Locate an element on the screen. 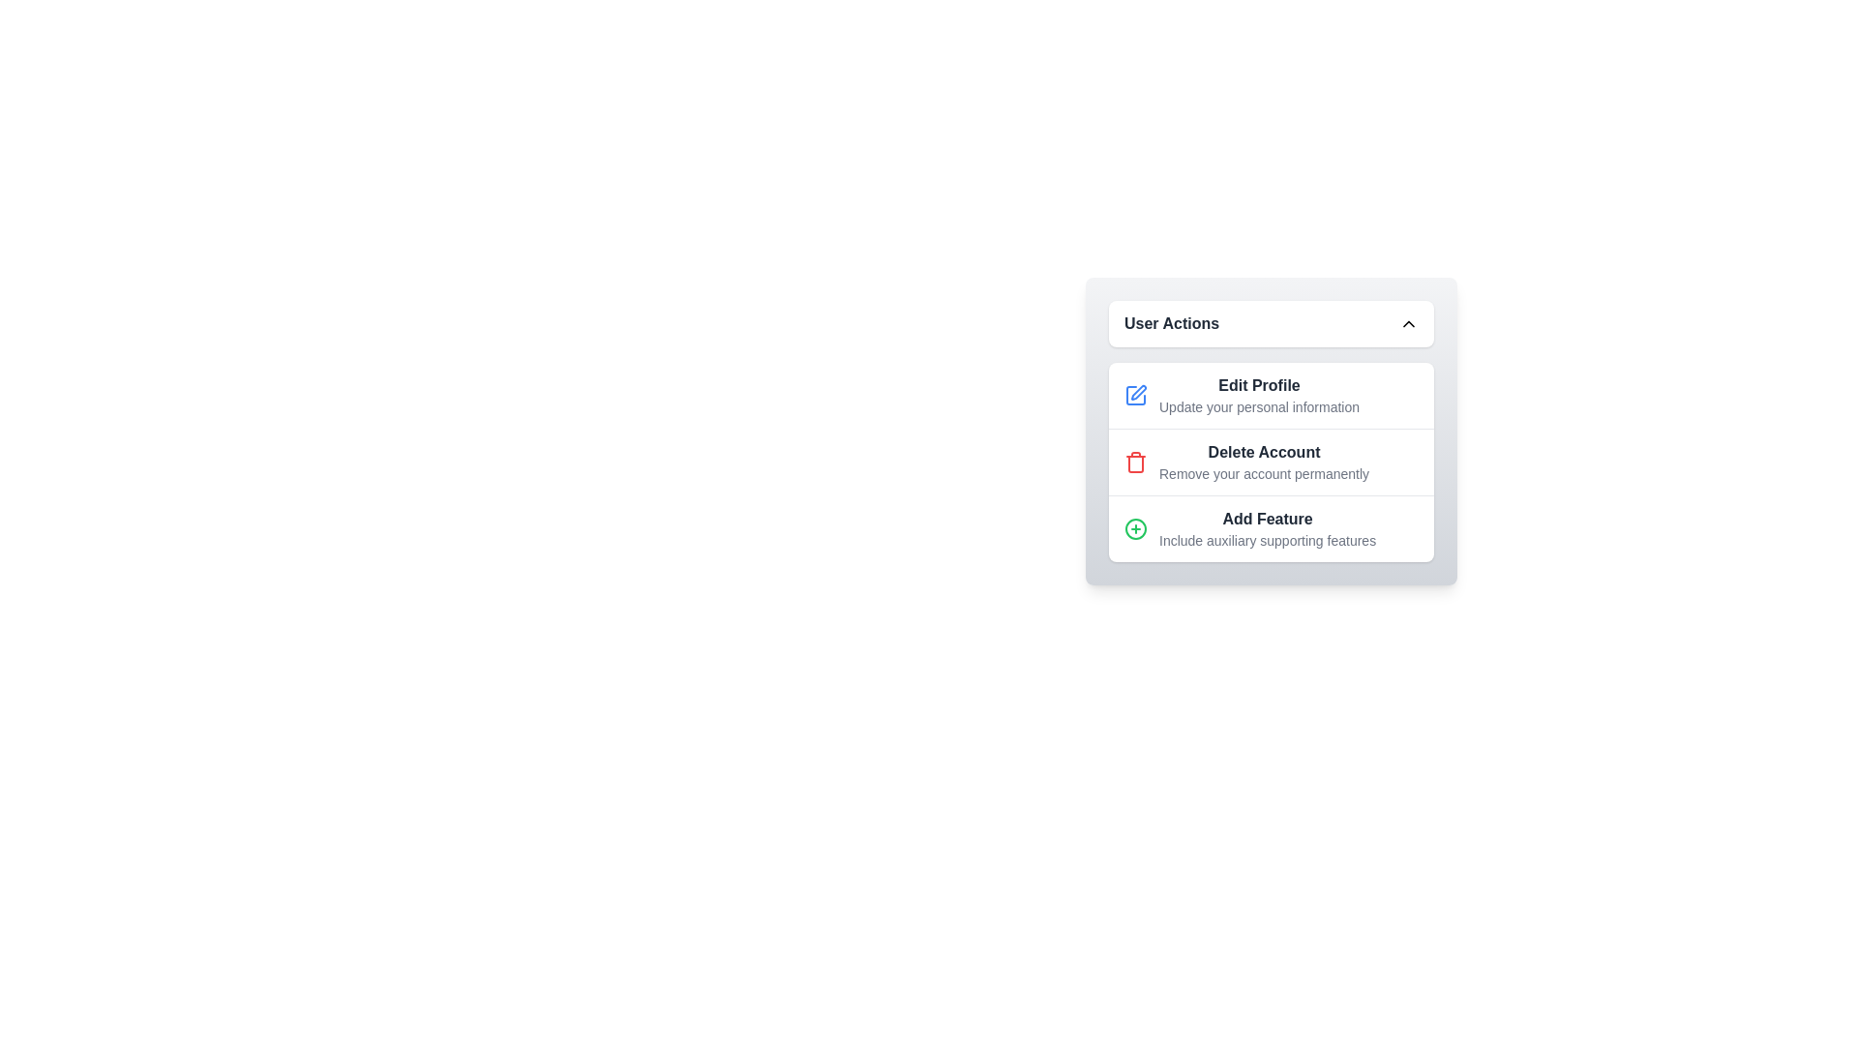 The image size is (1858, 1045). the editable square icon indicating the 'Edit Profile' functionality in the 'User Actions' menu is located at coordinates (1138, 392).